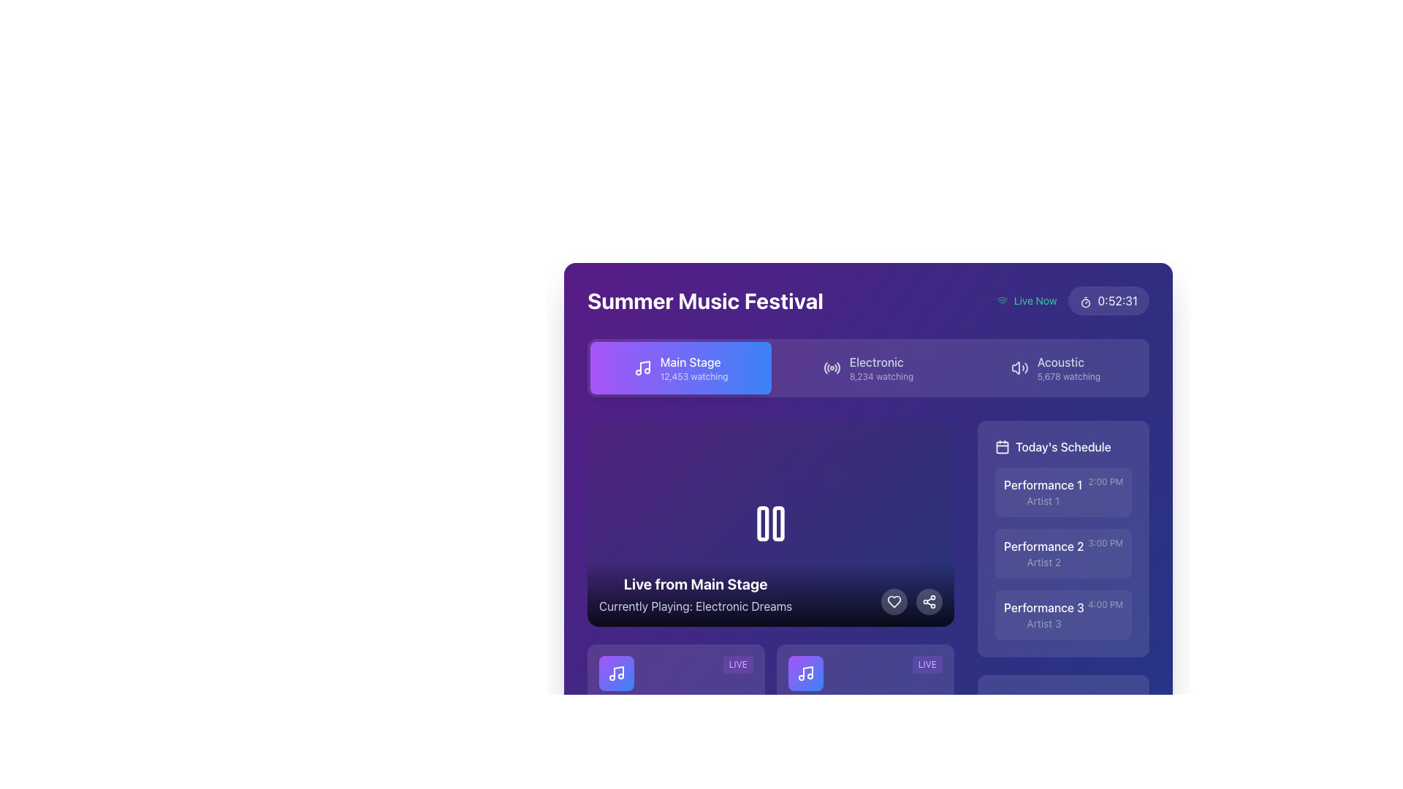 The width and height of the screenshot is (1403, 789). I want to click on the non-interactive informational card component displaying details of a scheduled event in the 'Today's Schedule' section, positioned as the second item between 'Performance 1' and 'Performance 3', so click(1063, 538).